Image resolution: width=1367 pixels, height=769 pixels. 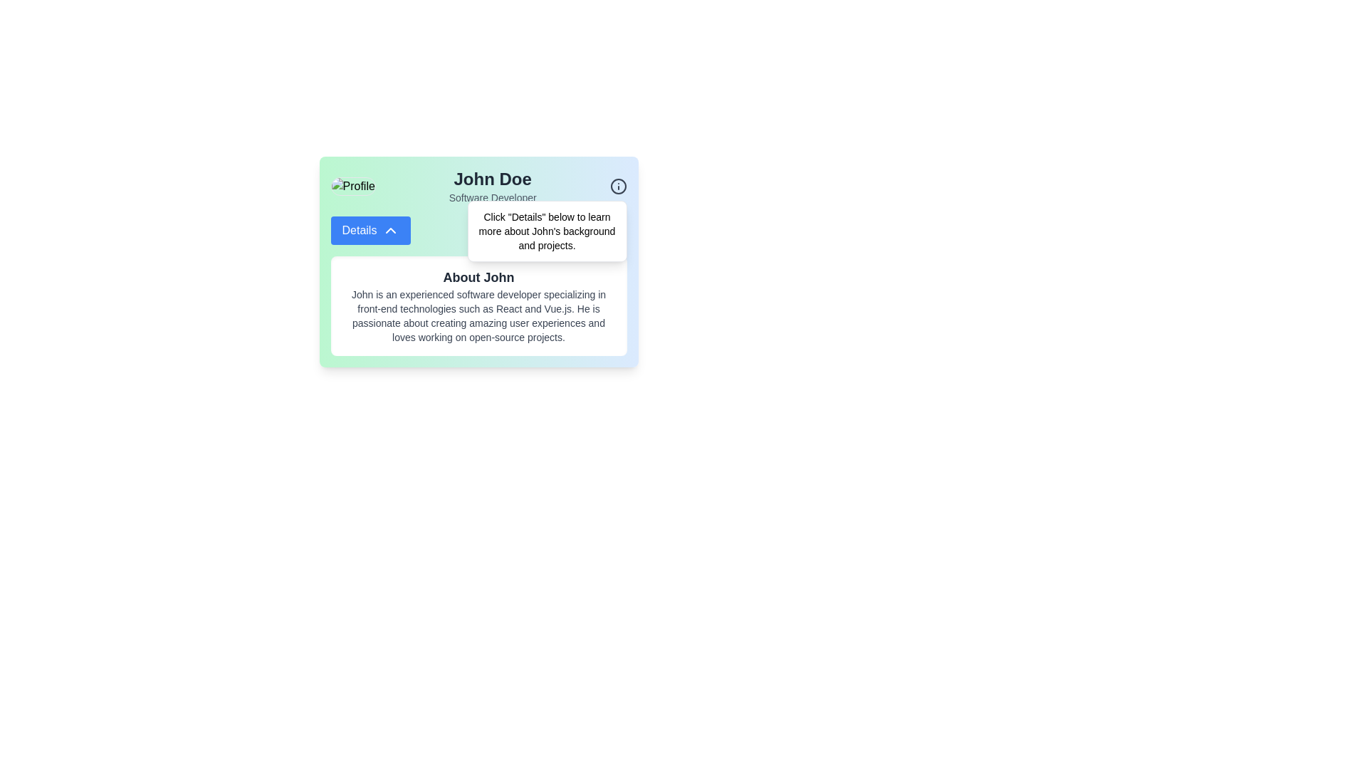 I want to click on text label displaying 'Software Developer', which is styled in a small gray font and located directly beneath the 'John Doe' title, so click(x=493, y=197).